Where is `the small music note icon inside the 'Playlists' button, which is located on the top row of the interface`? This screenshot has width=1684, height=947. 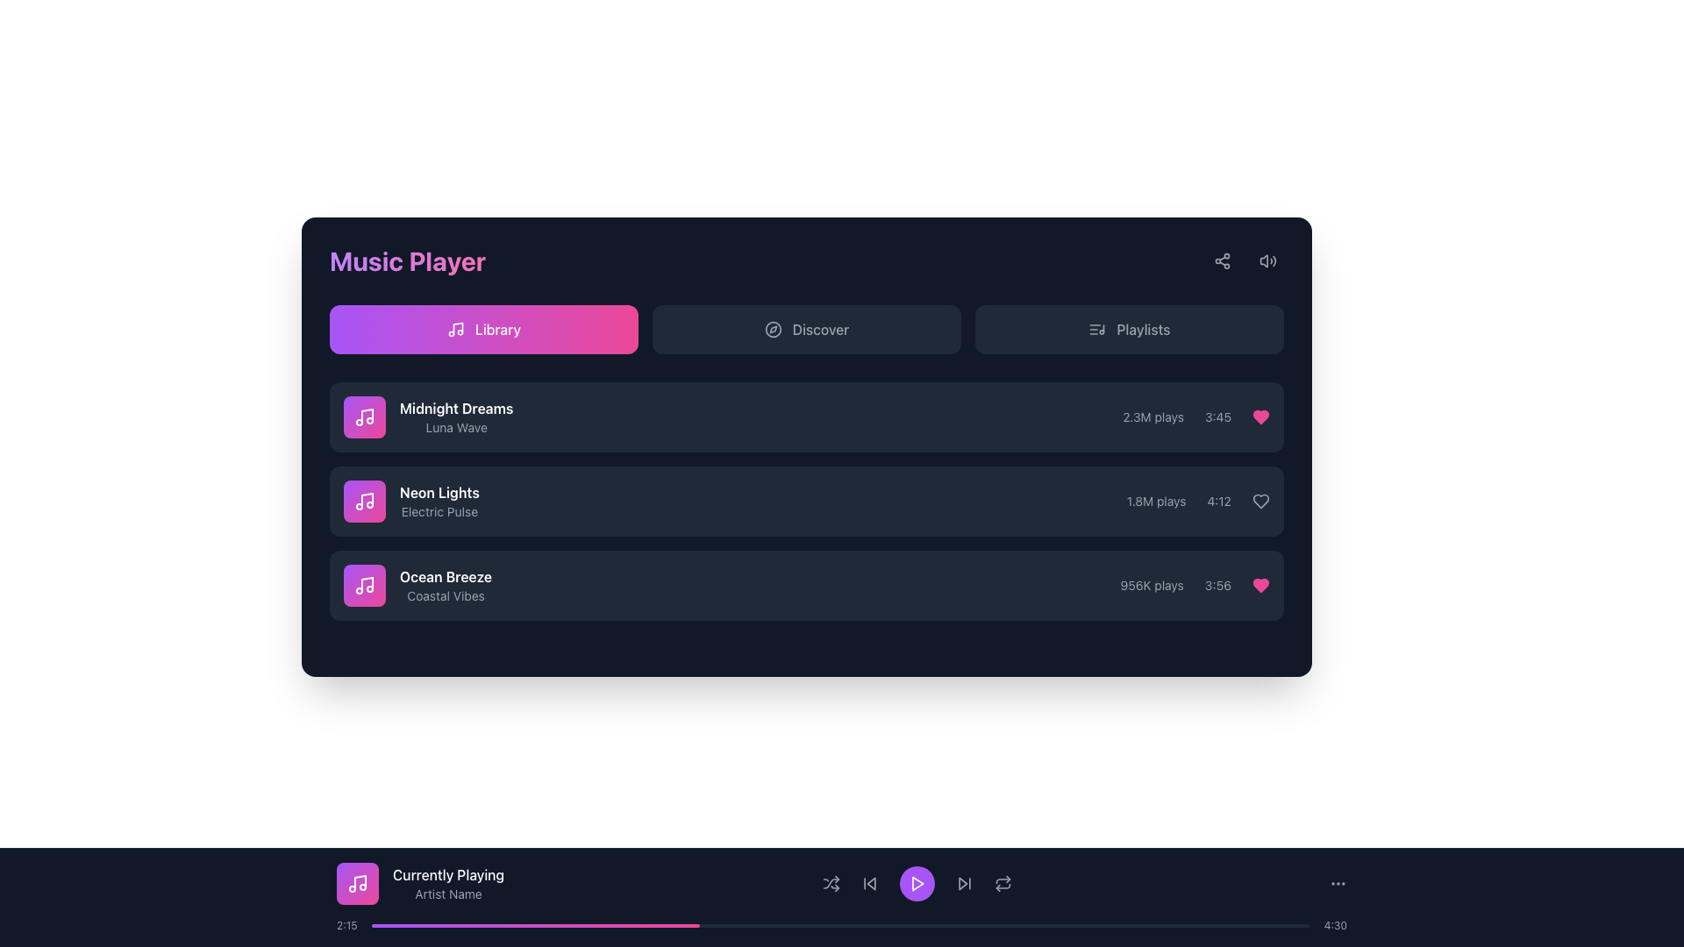
the small music note icon inside the 'Playlists' button, which is located on the top row of the interface is located at coordinates (1096, 329).